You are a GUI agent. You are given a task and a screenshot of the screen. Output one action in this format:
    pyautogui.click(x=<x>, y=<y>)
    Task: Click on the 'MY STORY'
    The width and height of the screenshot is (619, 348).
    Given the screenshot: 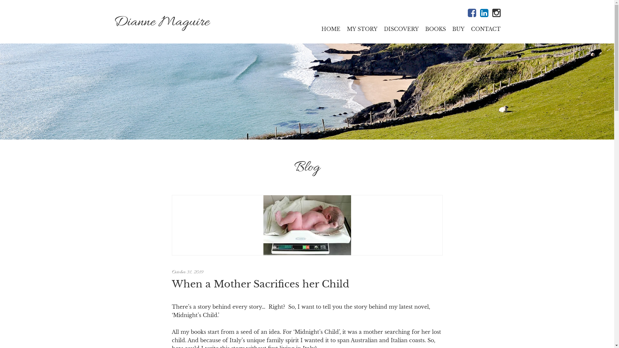 What is the action you would take?
    pyautogui.click(x=362, y=29)
    